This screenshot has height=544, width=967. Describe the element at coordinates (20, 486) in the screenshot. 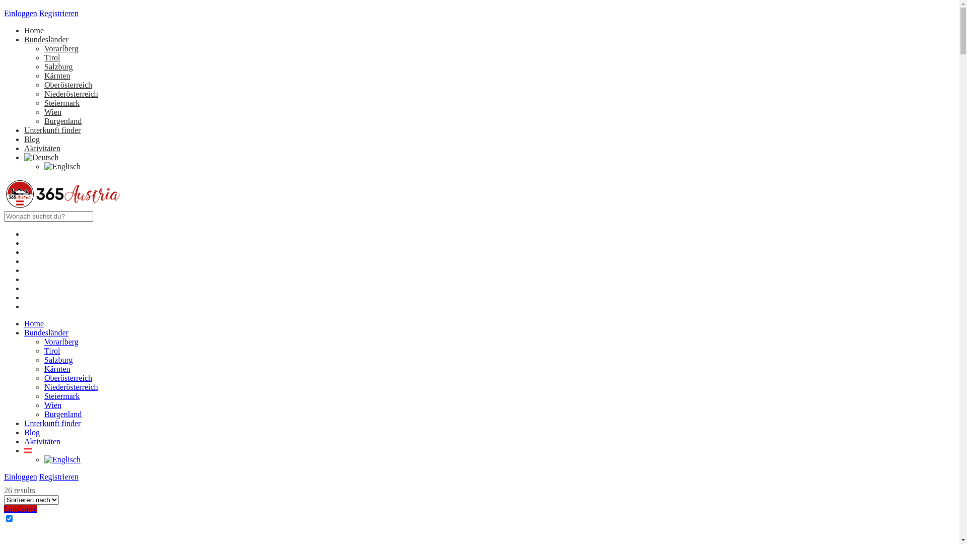

I see `'Landkarte'` at that location.